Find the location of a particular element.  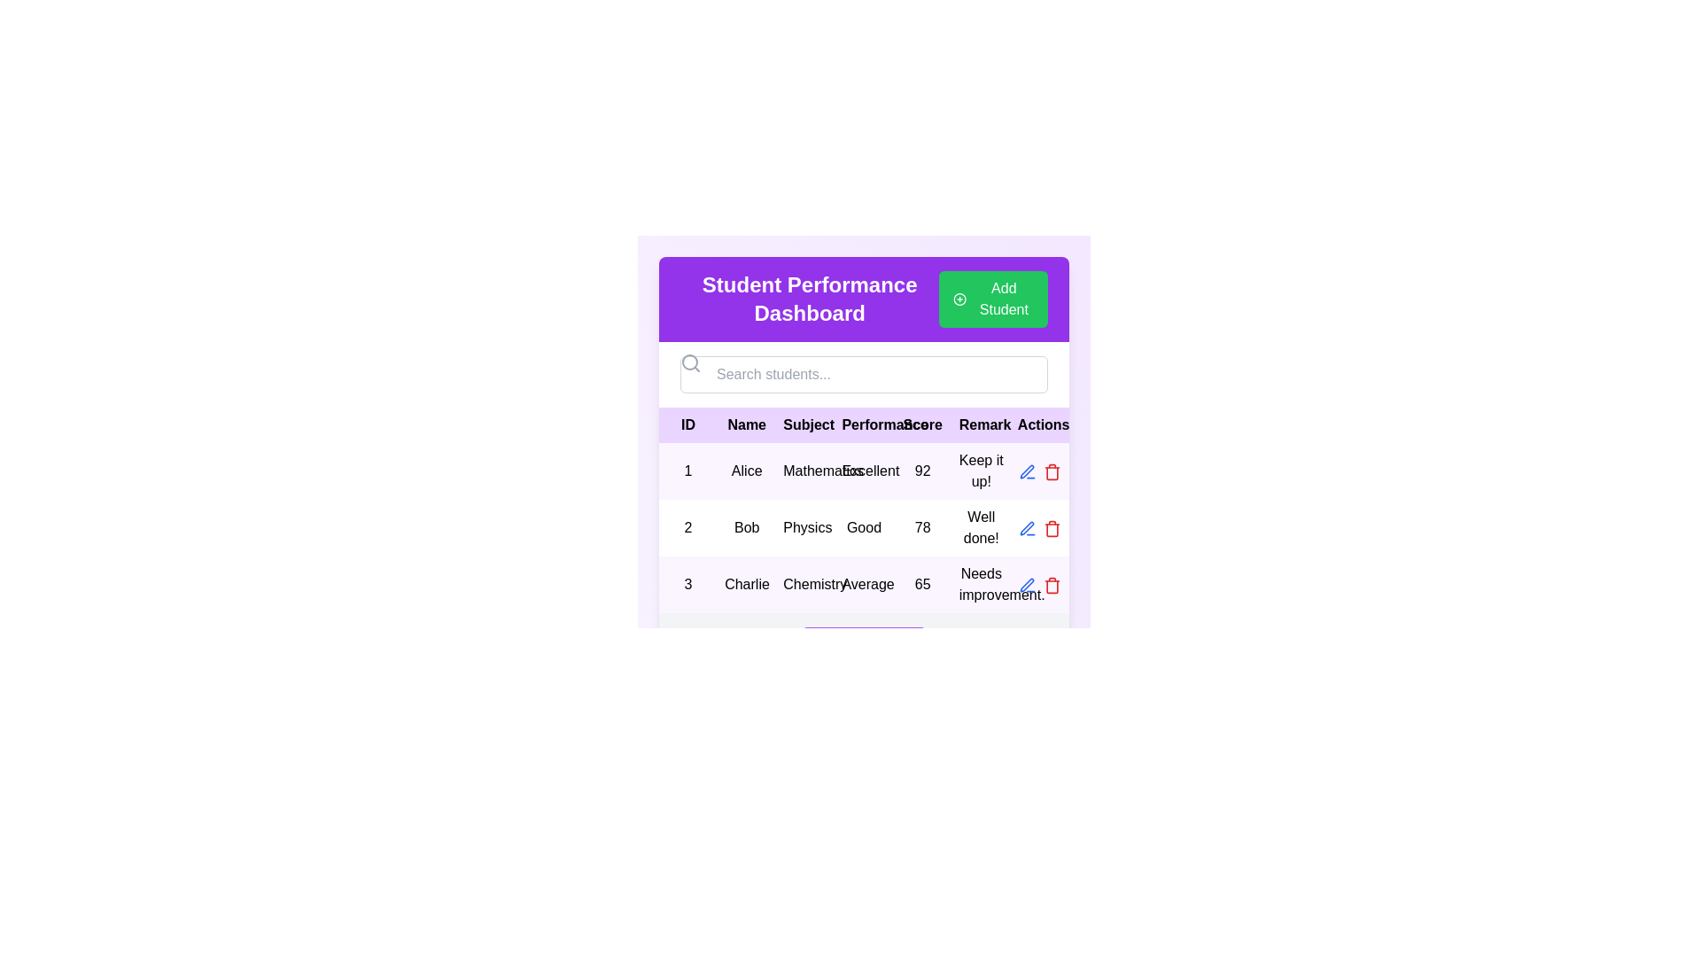

text 'Name' from the header label for the student names column, which is positioned between the 'ID' and 'Subject' headers in the table is located at coordinates (747, 424).